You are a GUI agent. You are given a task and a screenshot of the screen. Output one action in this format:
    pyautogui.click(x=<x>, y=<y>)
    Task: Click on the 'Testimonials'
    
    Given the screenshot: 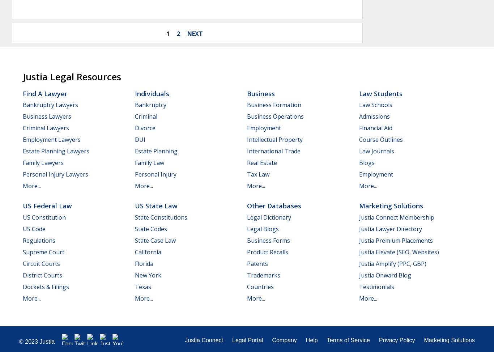 What is the action you would take?
    pyautogui.click(x=376, y=286)
    